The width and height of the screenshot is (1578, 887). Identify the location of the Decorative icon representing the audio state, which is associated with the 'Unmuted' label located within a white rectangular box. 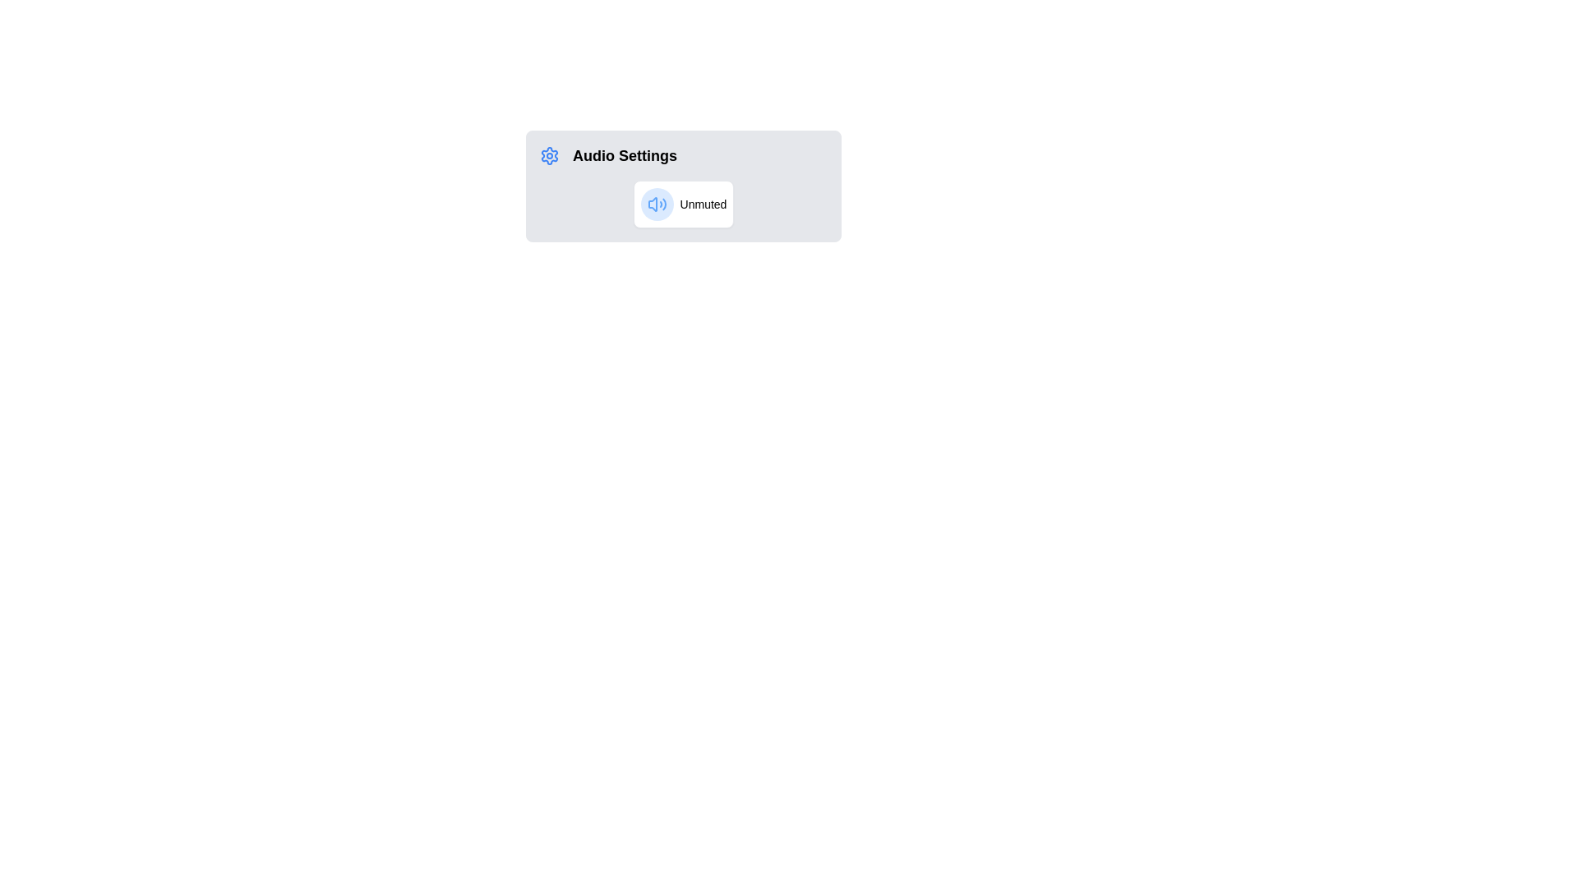
(656, 204).